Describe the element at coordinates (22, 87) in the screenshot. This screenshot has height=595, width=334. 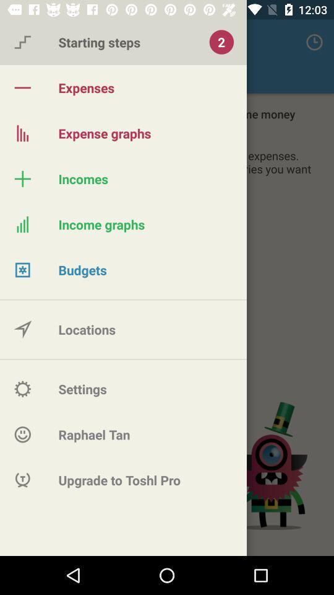
I see `icon left to the text expenses` at that location.